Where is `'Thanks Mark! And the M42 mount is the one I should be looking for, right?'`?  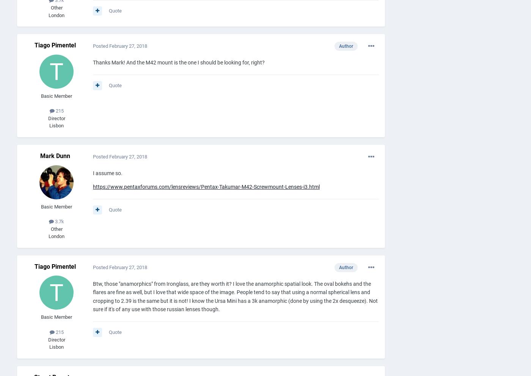
'Thanks Mark! And the M42 mount is the one I should be looking for, right?' is located at coordinates (93, 62).